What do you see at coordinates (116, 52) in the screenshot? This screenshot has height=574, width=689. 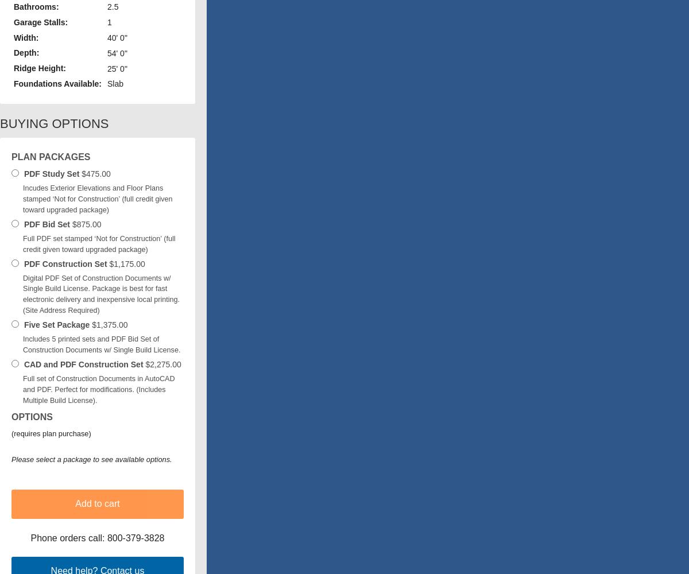 I see `'54' 0"'` at bounding box center [116, 52].